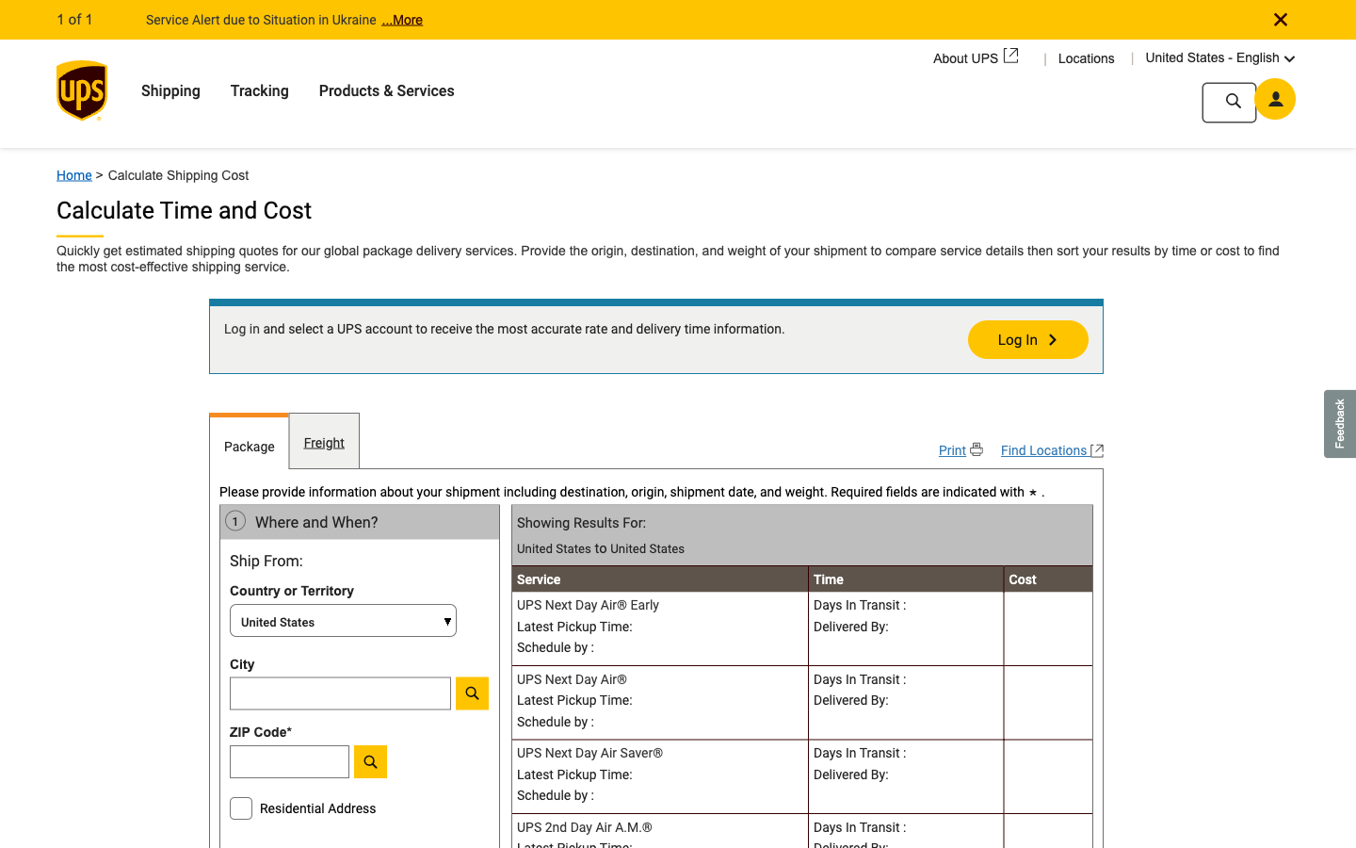 This screenshot has width=1356, height=848. I want to click on Search the package provided with the Zip Code "10243, so click(339, 766).